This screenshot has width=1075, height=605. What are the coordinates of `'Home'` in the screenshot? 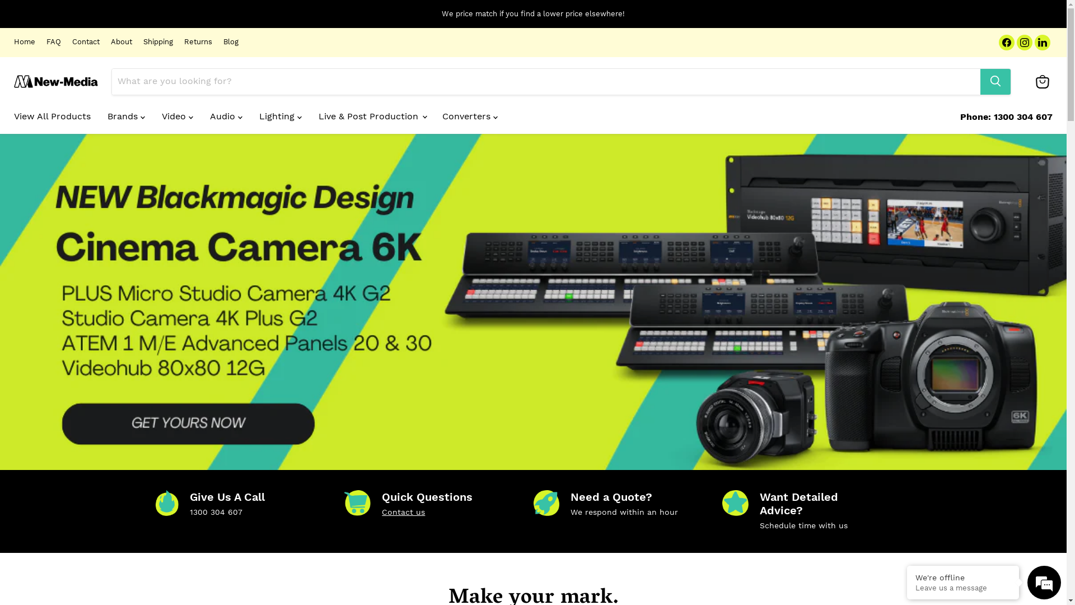 It's located at (24, 41).